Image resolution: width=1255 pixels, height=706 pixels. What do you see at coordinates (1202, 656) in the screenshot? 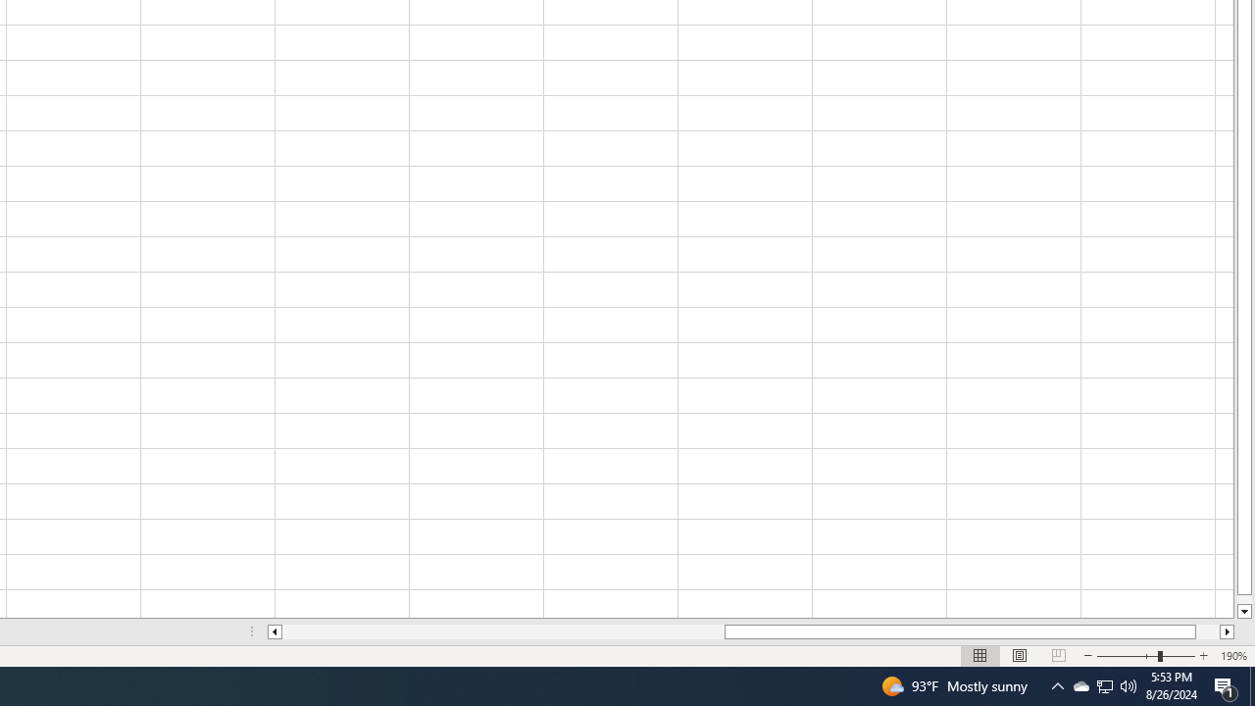
I see `'Zoom In'` at bounding box center [1202, 656].